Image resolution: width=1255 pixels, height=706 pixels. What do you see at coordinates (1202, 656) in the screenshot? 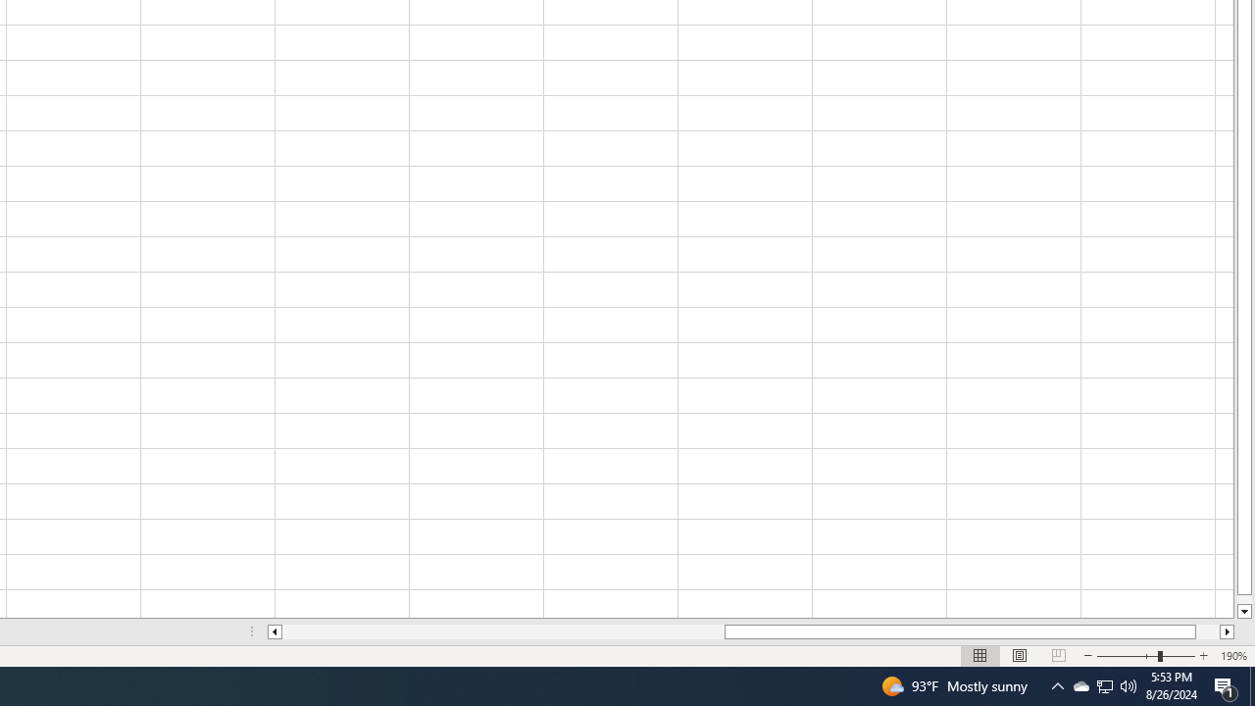
I see `'Zoom In'` at bounding box center [1202, 656].